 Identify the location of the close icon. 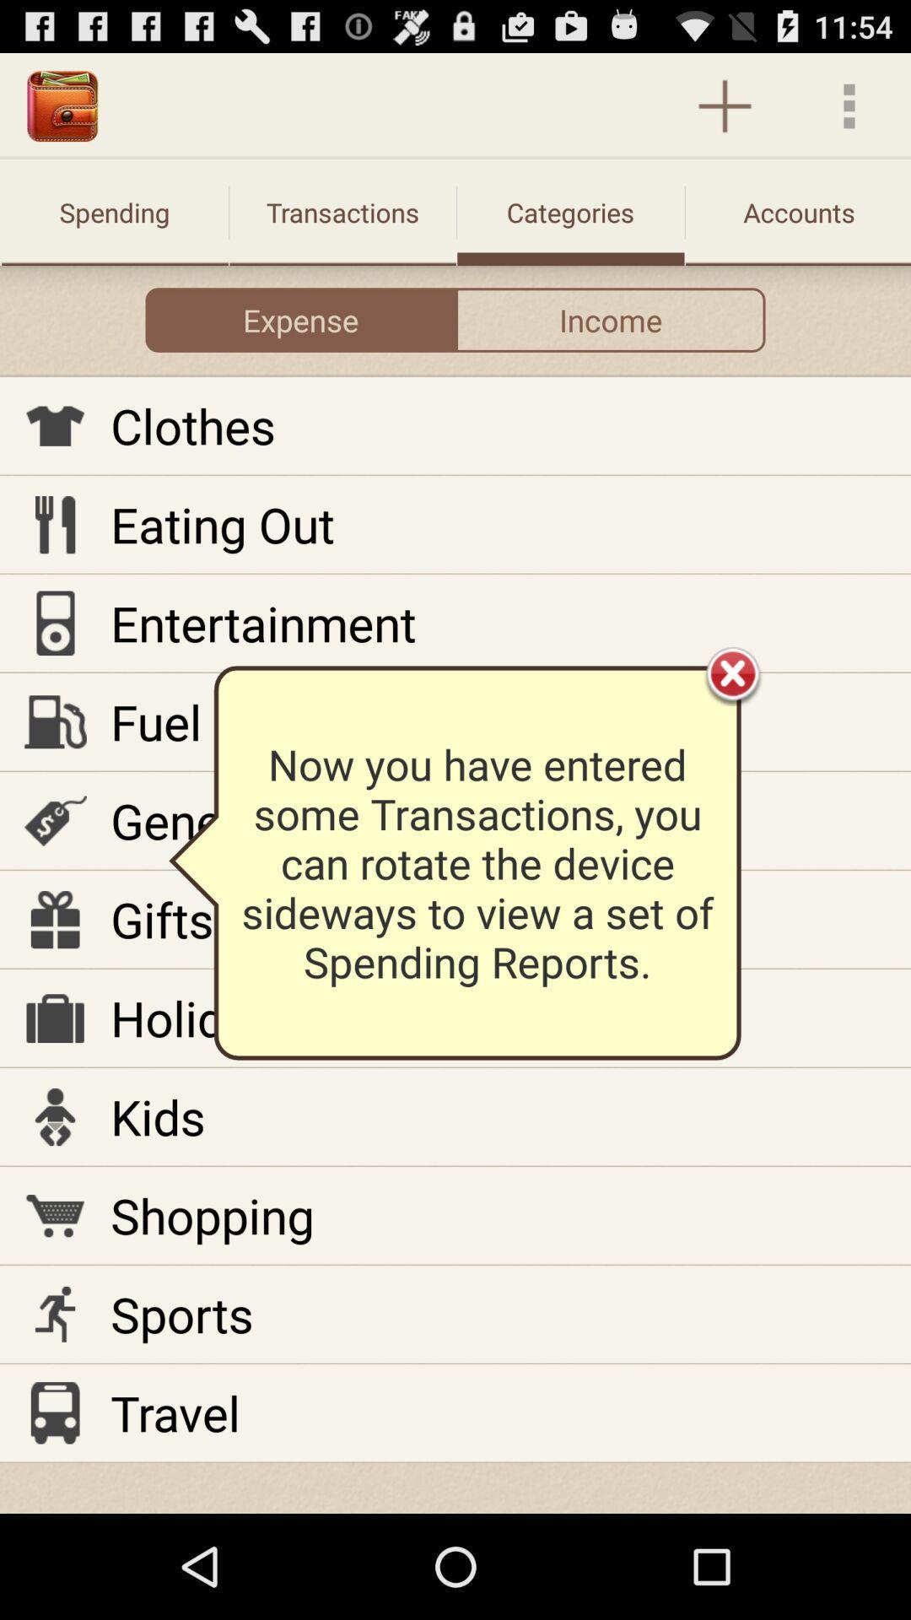
(732, 721).